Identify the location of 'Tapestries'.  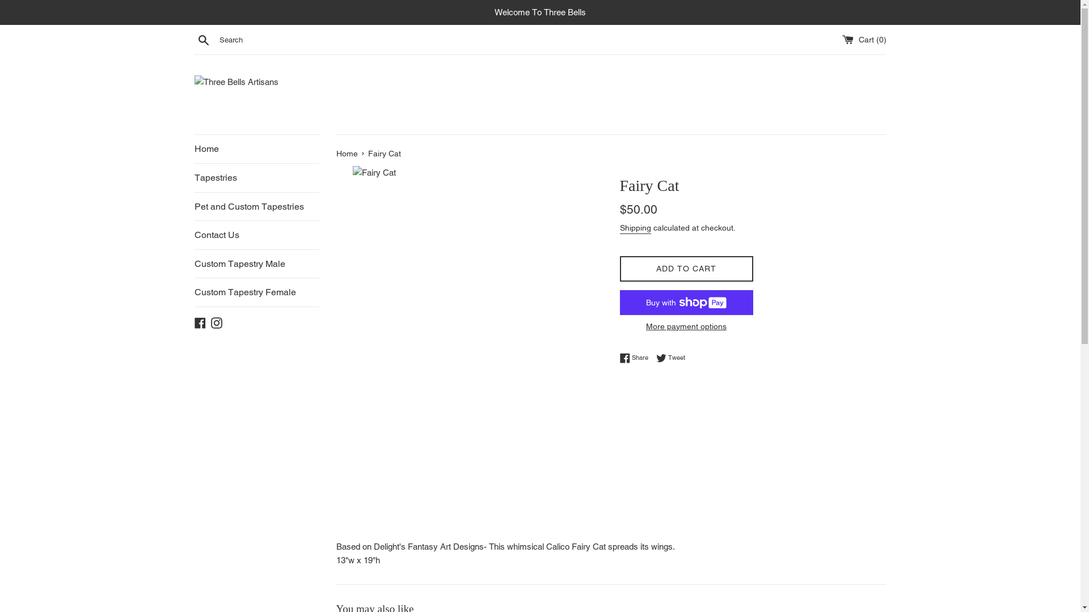
(255, 177).